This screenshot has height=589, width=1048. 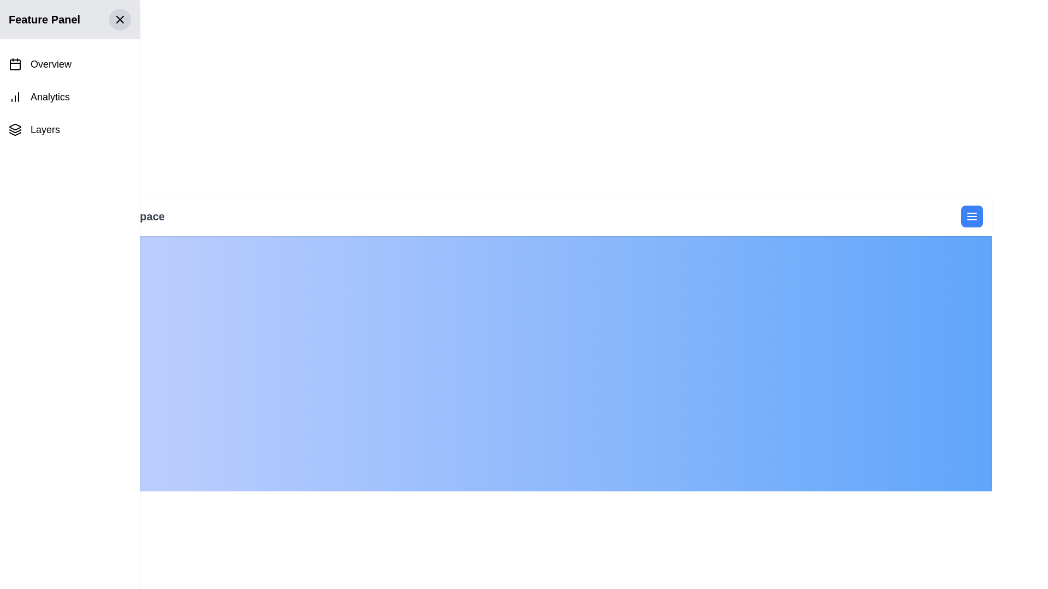 What do you see at coordinates (120, 19) in the screenshot?
I see `the 'X' icon` at bounding box center [120, 19].